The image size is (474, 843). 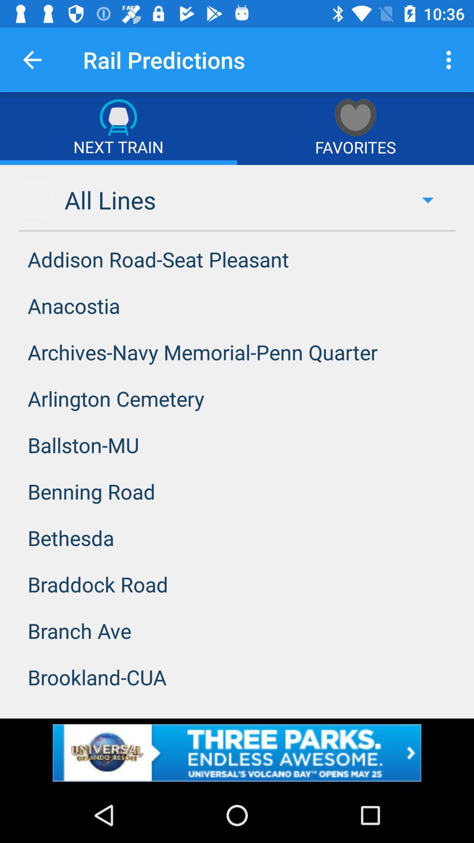 What do you see at coordinates (355, 128) in the screenshot?
I see `favorites` at bounding box center [355, 128].